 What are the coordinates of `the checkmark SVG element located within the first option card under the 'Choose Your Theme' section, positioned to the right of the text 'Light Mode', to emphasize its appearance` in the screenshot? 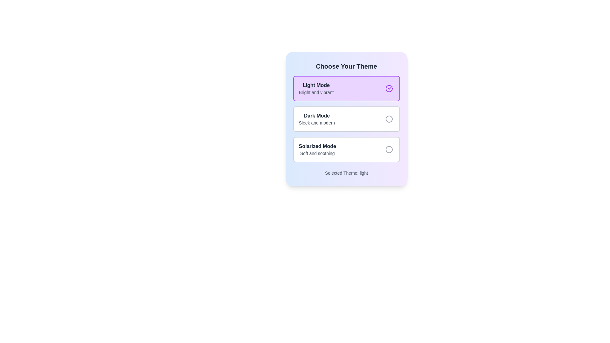 It's located at (390, 88).